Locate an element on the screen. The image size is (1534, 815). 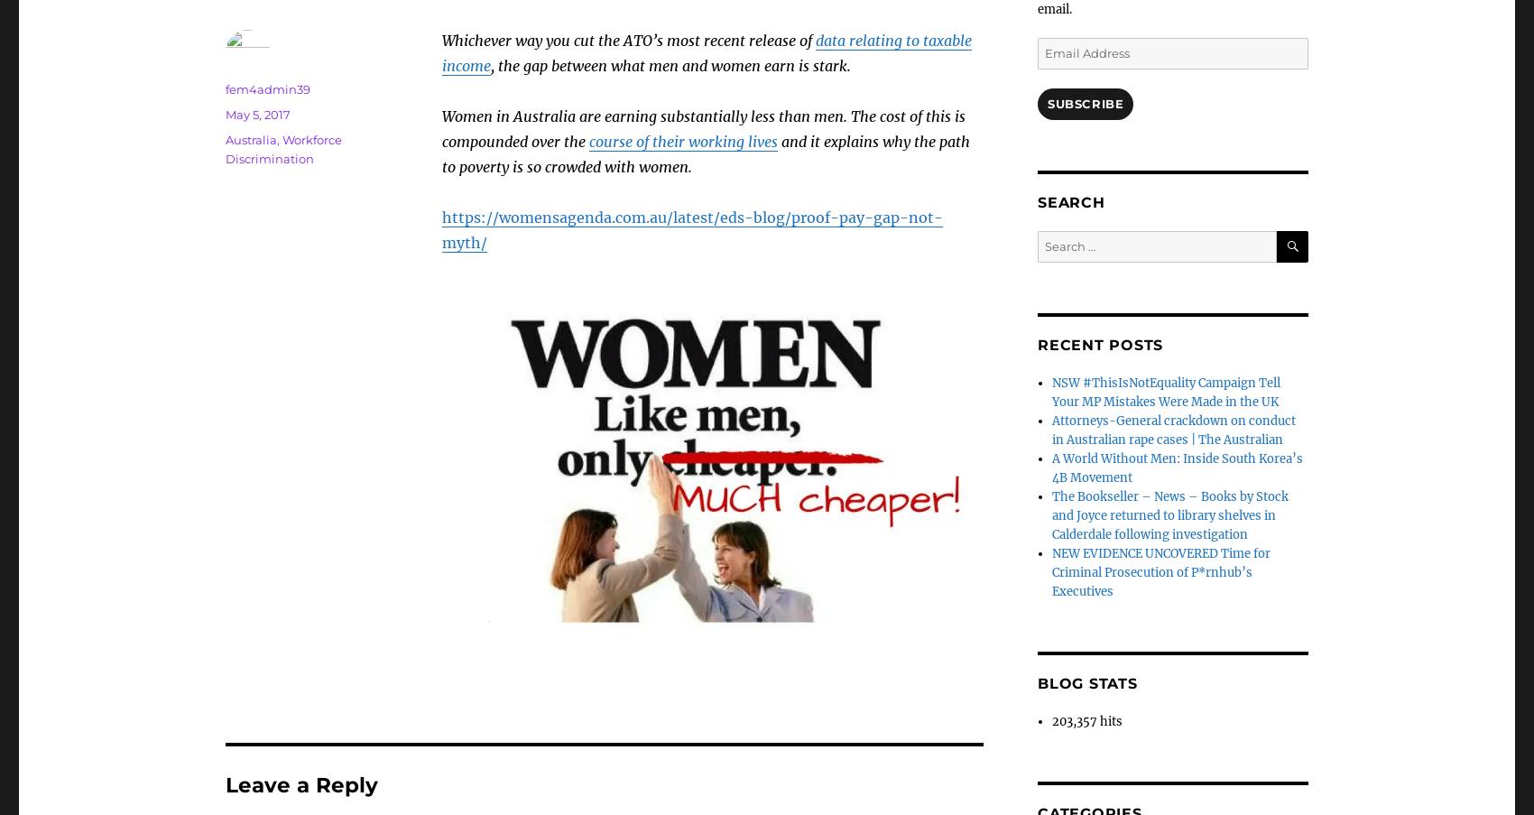
'Women in Australia are earning substantially less than men. The cost of this is compounded over the' is located at coordinates (702, 128).